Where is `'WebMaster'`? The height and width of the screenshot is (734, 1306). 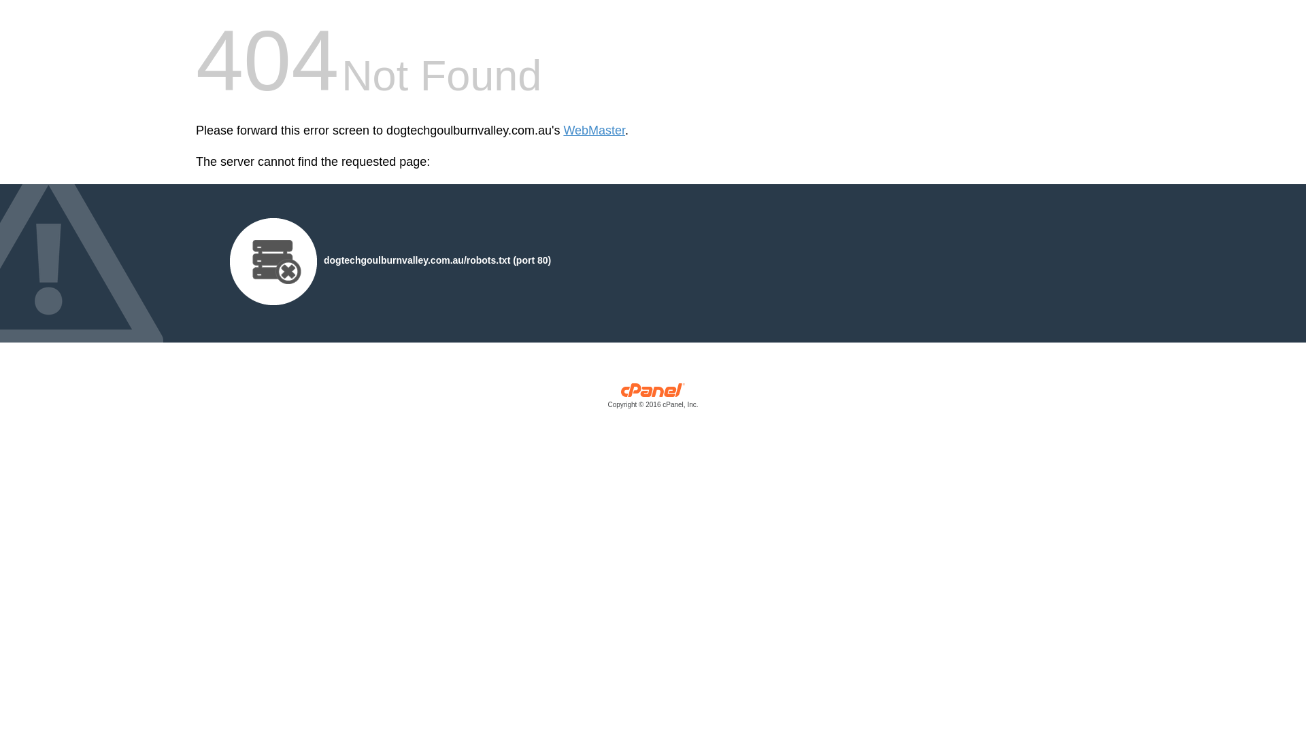
'WebMaster' is located at coordinates (594, 130).